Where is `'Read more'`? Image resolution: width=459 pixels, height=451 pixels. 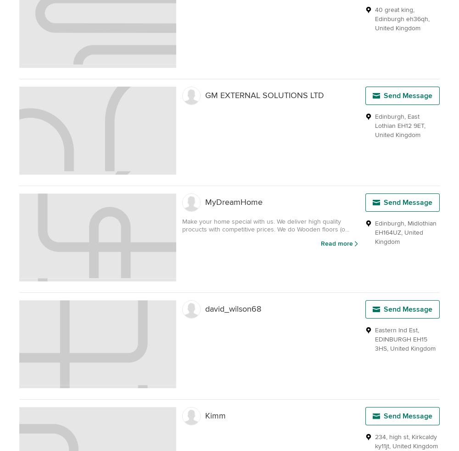 'Read more' is located at coordinates (336, 242).